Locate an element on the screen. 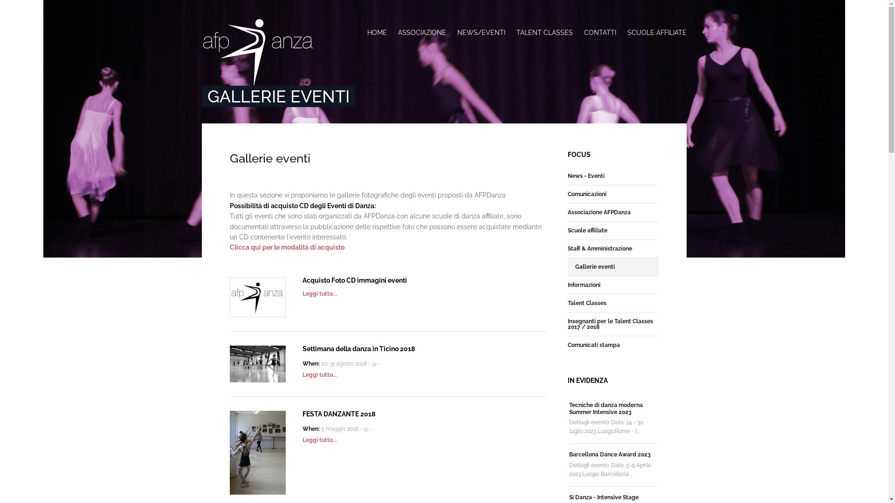  'Acquisto Foto CD immagini eventi' is located at coordinates (302, 279).